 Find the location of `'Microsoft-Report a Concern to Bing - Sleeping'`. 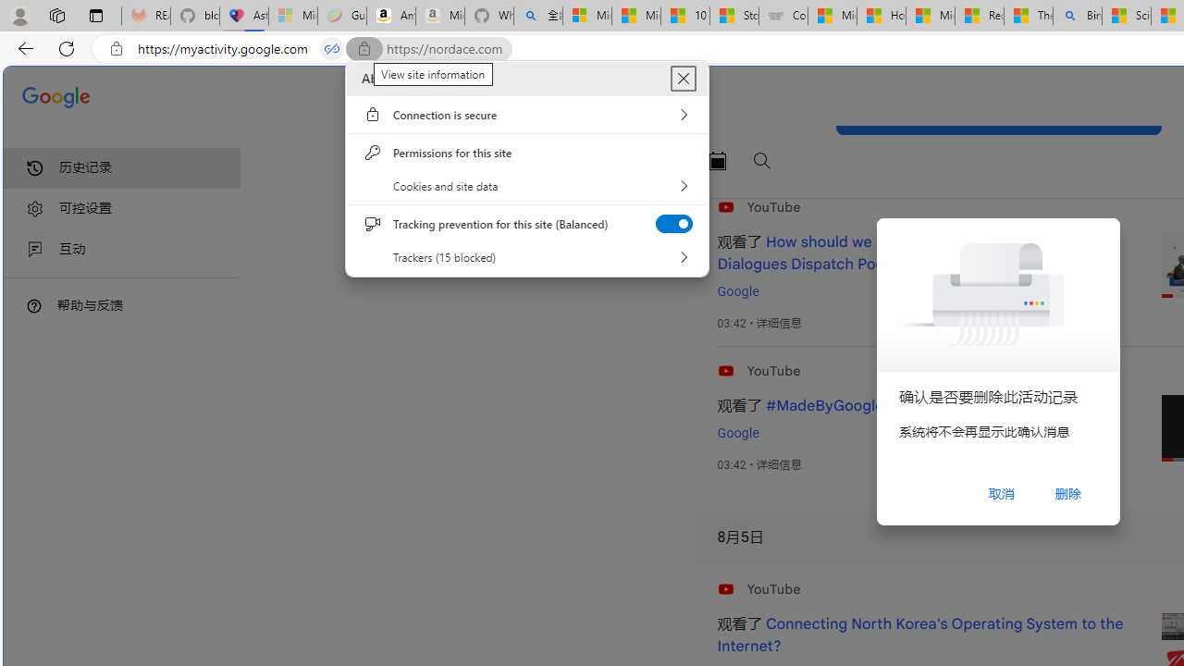

'Microsoft-Report a Concern to Bing - Sleeping' is located at coordinates (291, 16).